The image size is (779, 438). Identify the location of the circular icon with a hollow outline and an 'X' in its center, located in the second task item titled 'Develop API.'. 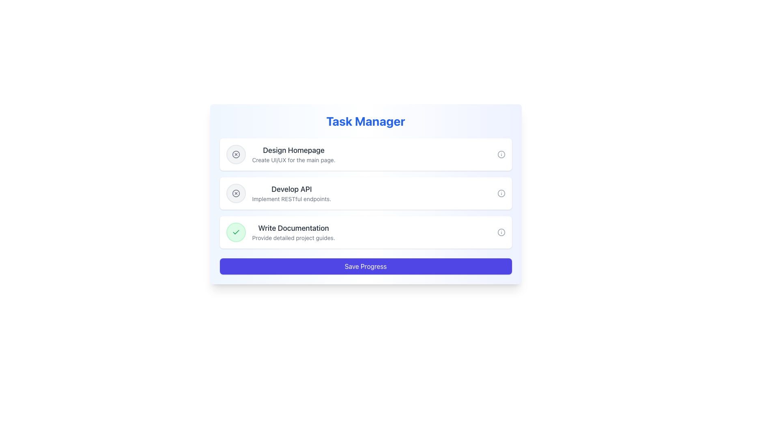
(235, 155).